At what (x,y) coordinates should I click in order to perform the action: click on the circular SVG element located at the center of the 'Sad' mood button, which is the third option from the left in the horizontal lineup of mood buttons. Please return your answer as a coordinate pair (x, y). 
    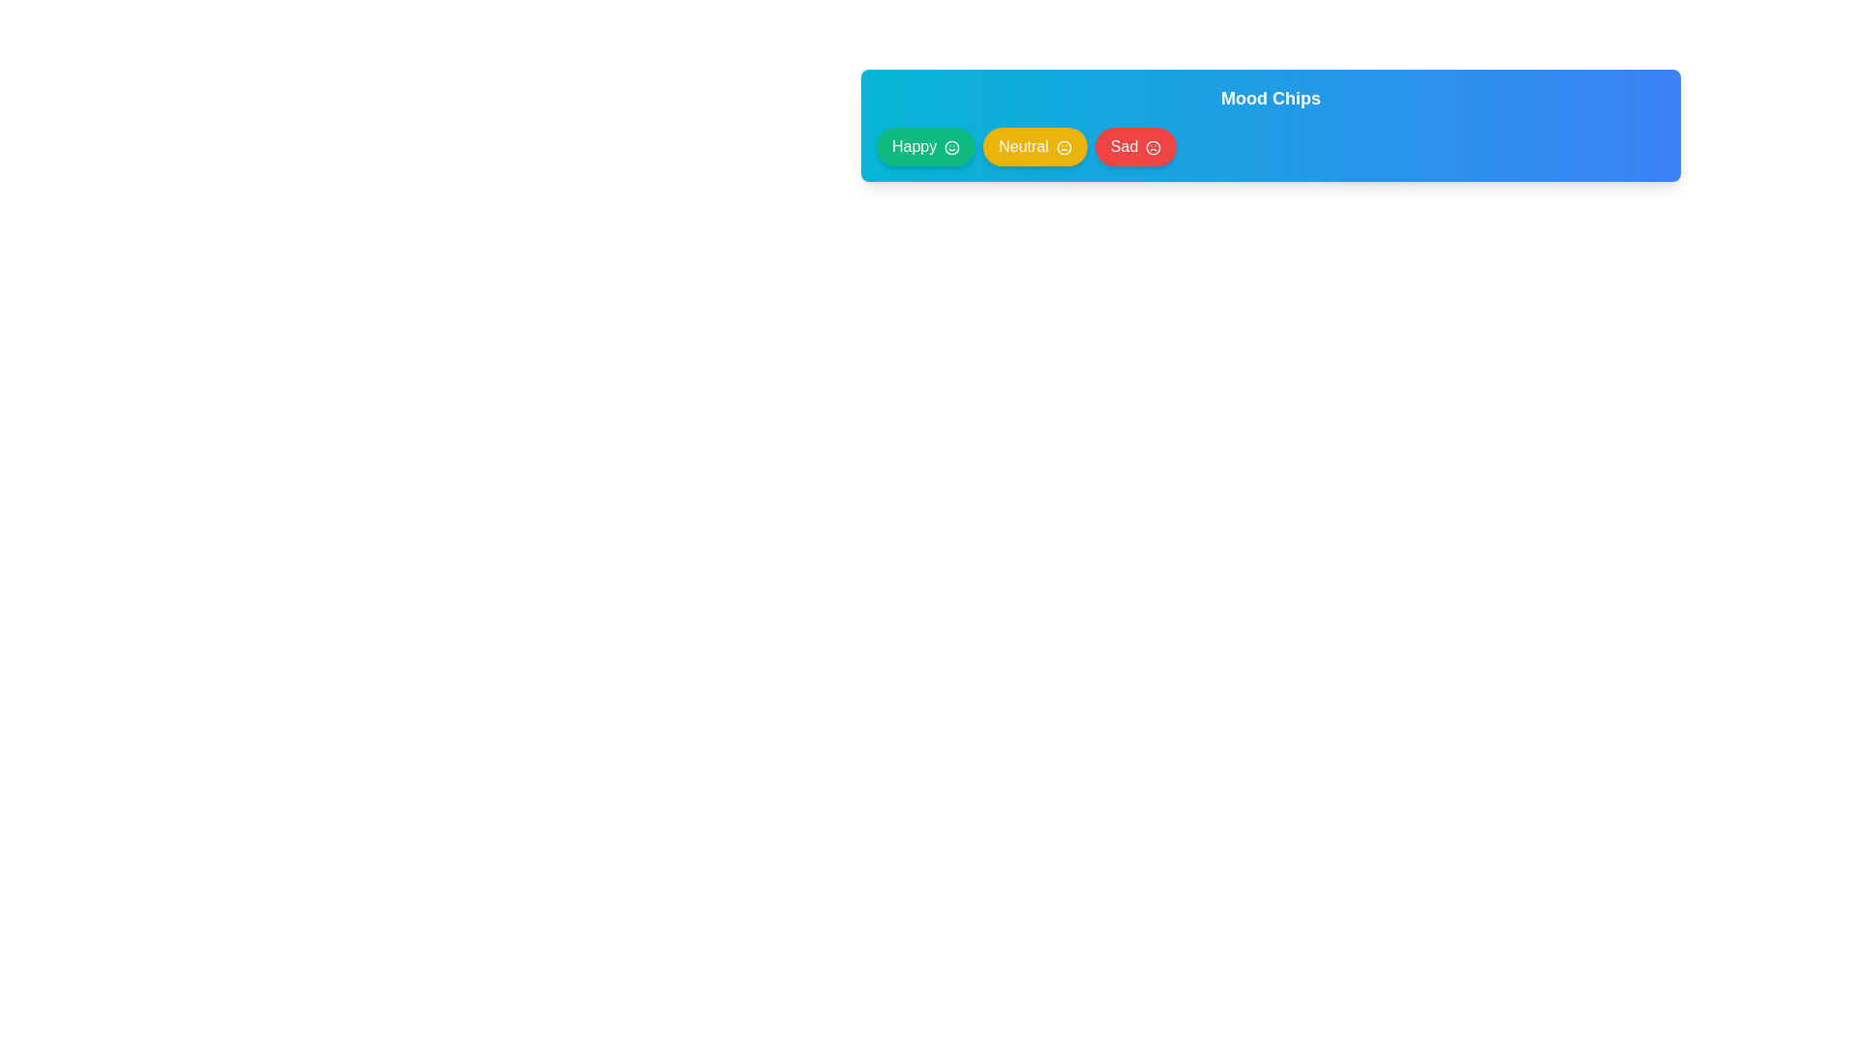
    Looking at the image, I should click on (1154, 146).